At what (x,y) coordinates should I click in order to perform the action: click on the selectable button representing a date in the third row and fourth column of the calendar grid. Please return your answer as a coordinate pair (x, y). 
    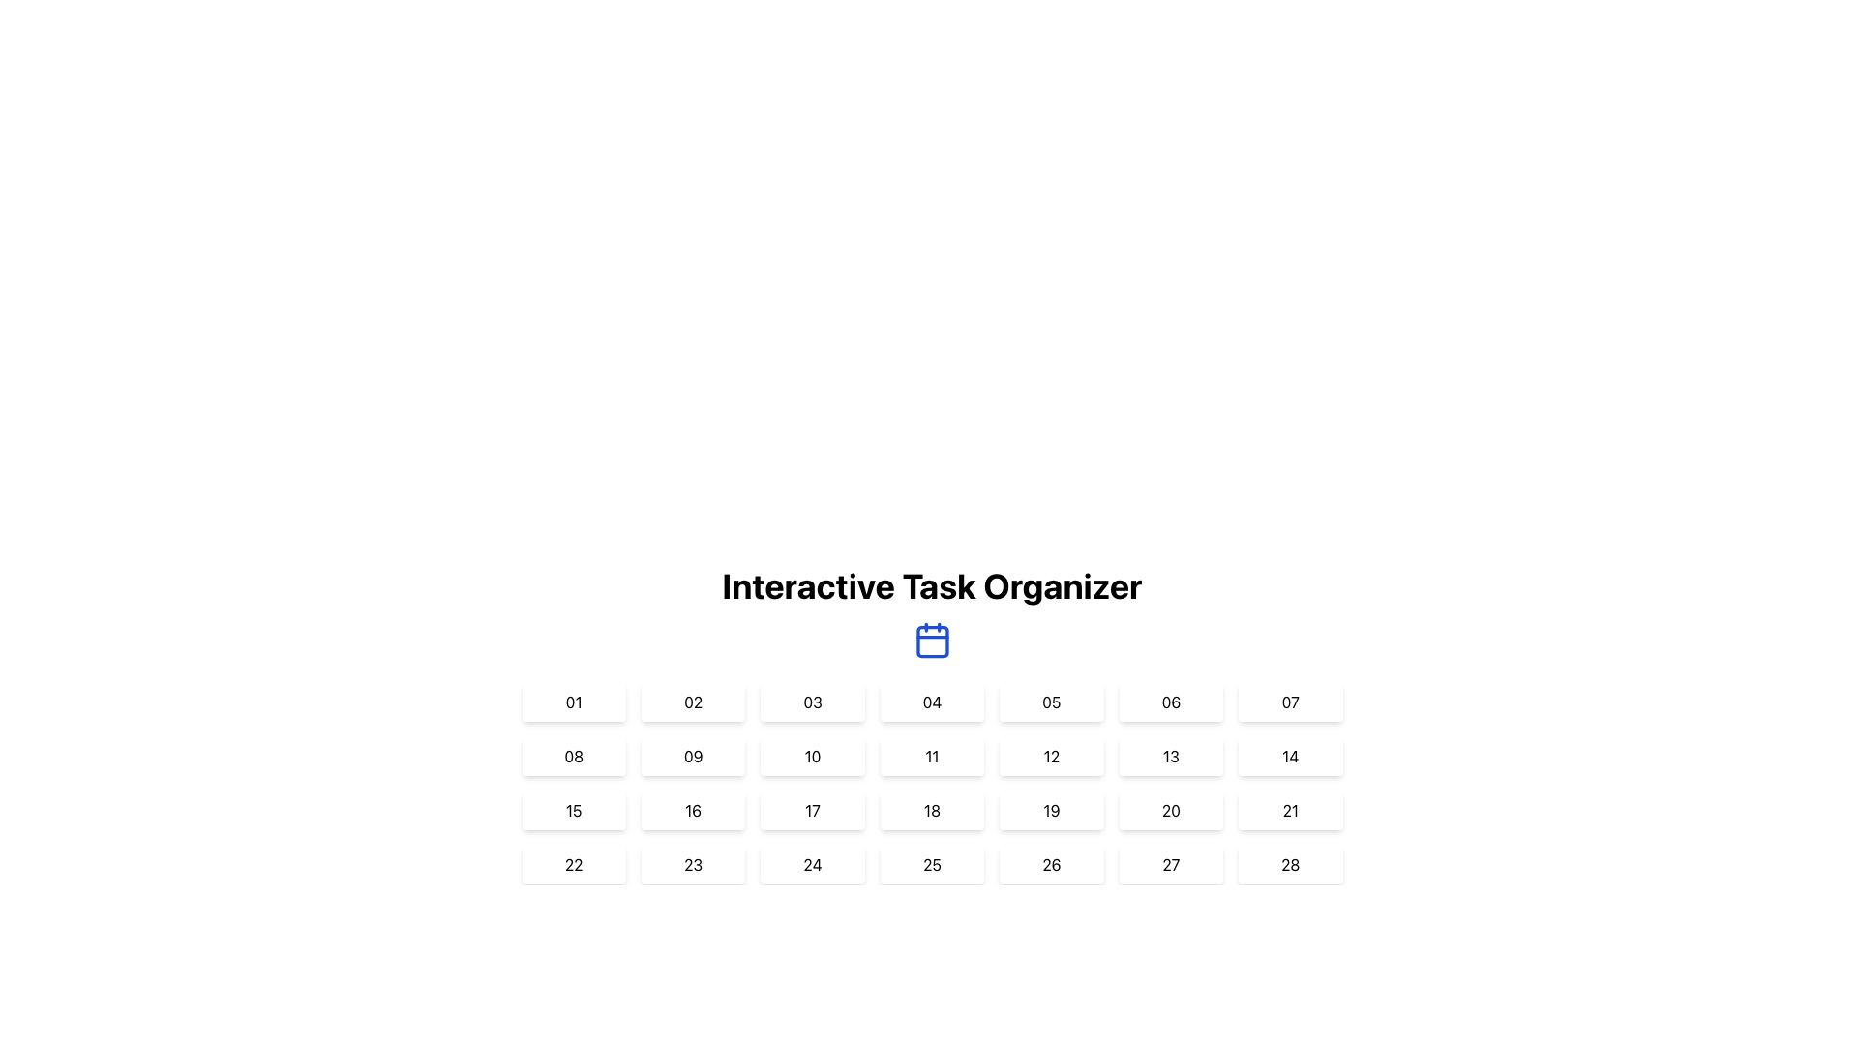
    Looking at the image, I should click on (932, 810).